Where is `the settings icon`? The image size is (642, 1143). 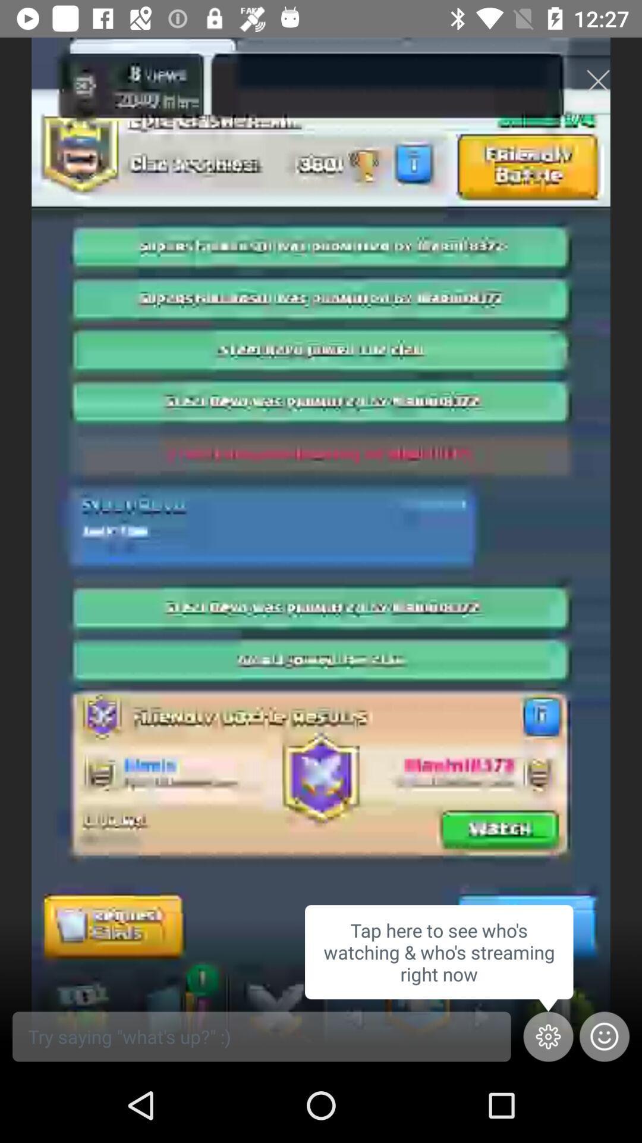
the settings icon is located at coordinates (548, 1036).